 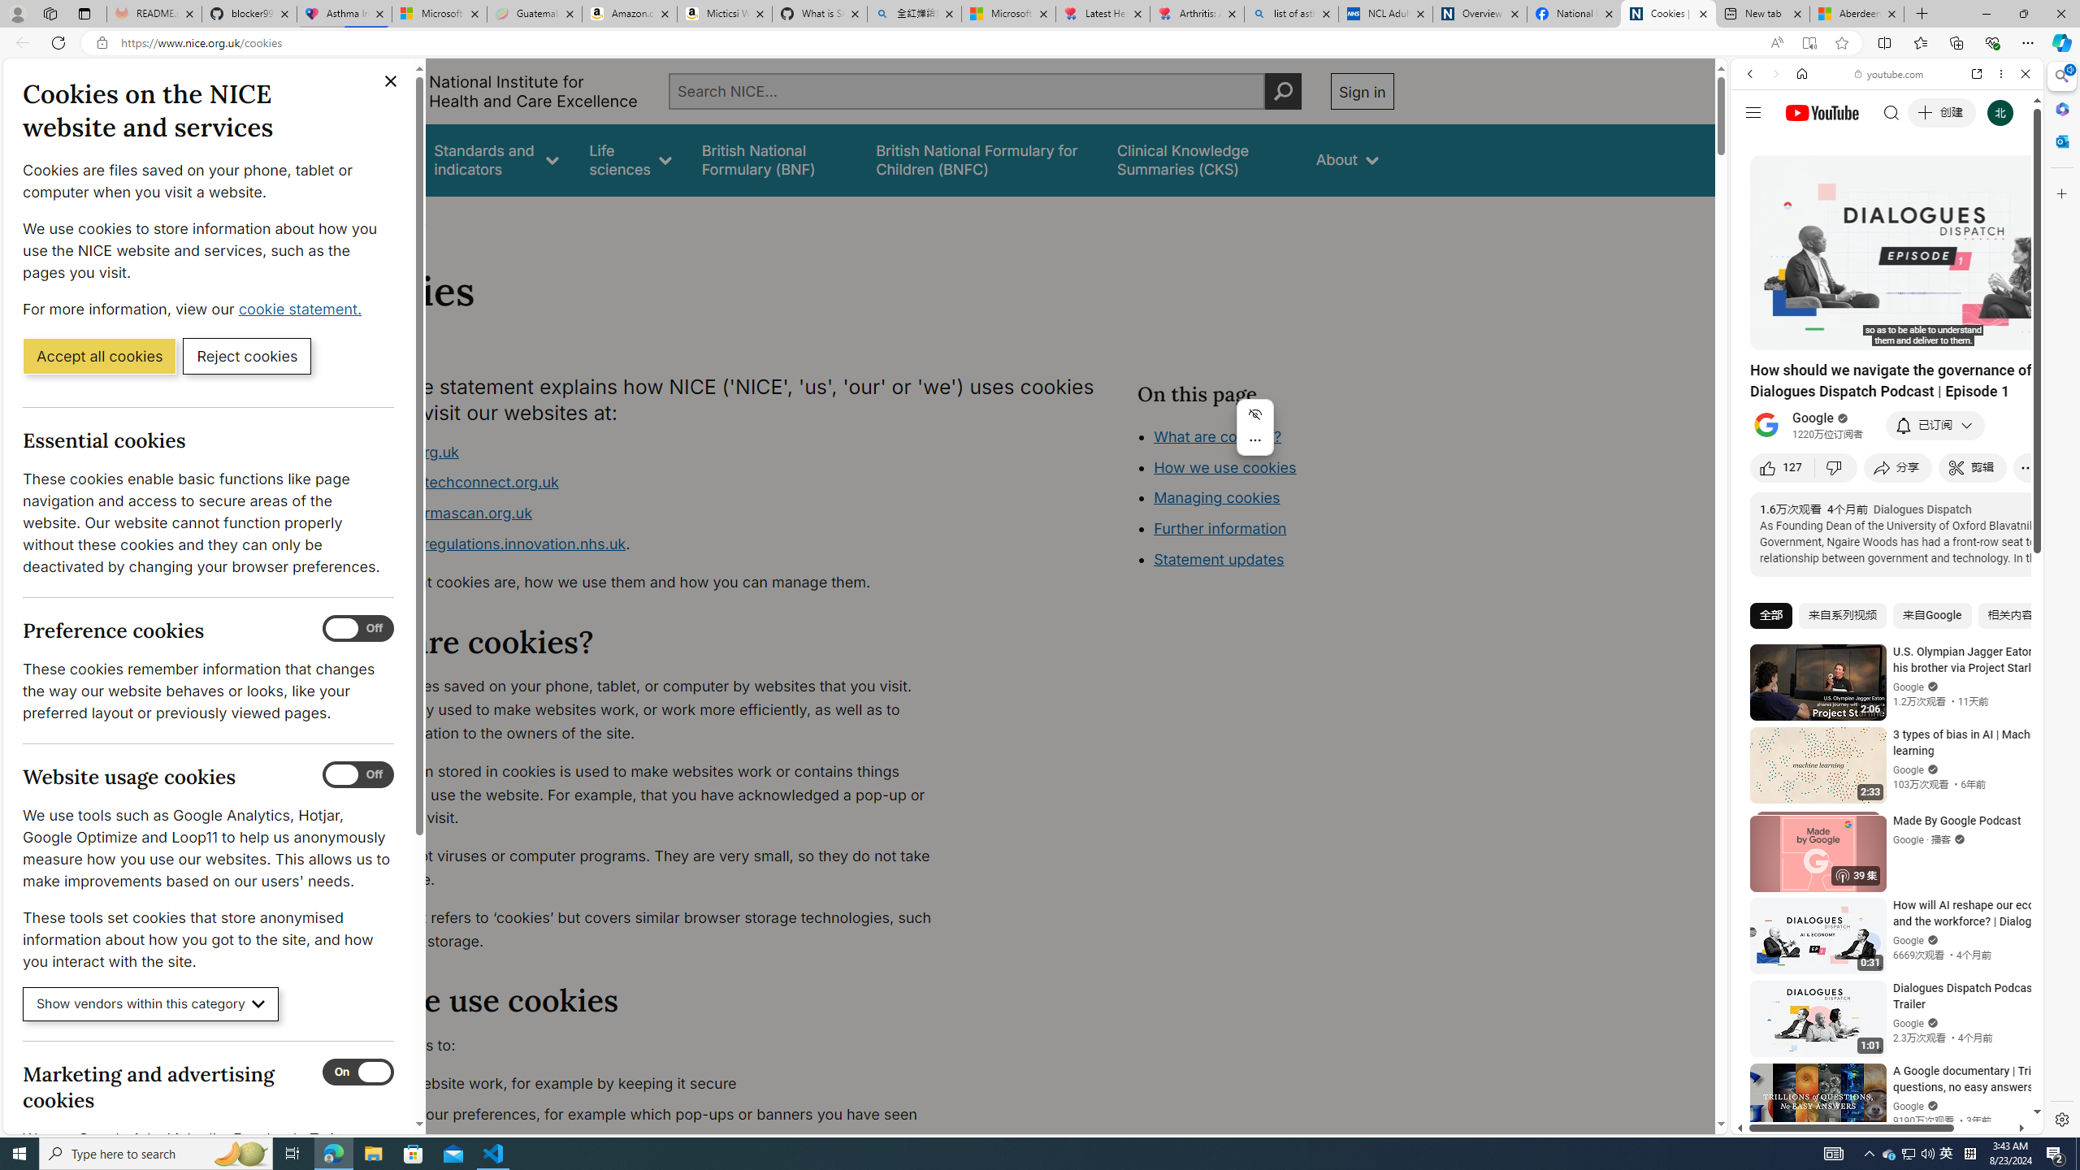 What do you see at coordinates (400, 451) in the screenshot?
I see `'www.nice.org.uk'` at bounding box center [400, 451].